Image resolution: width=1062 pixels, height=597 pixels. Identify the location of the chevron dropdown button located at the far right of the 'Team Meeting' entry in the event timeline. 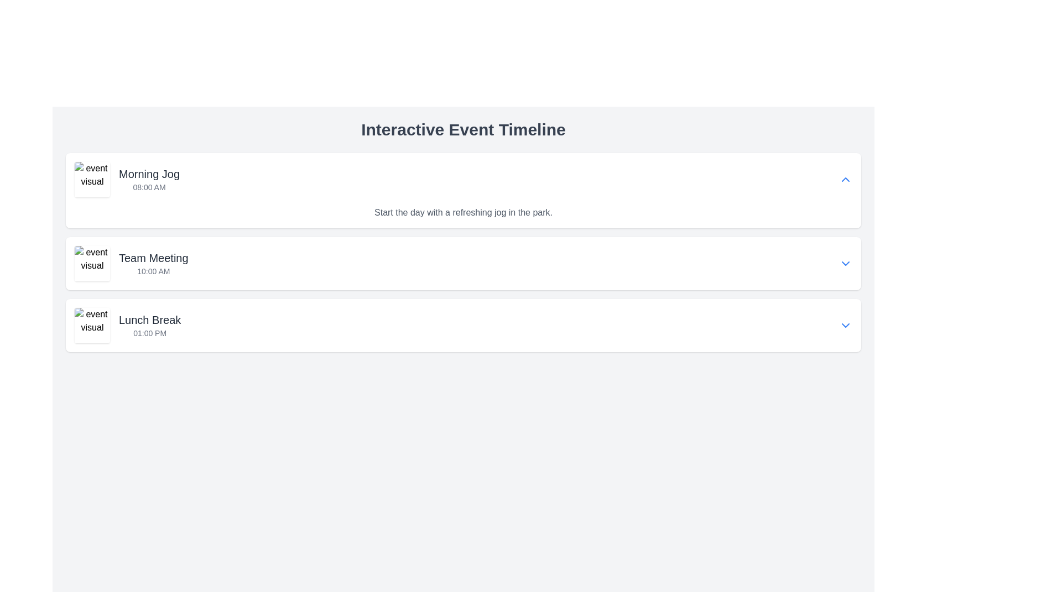
(845, 264).